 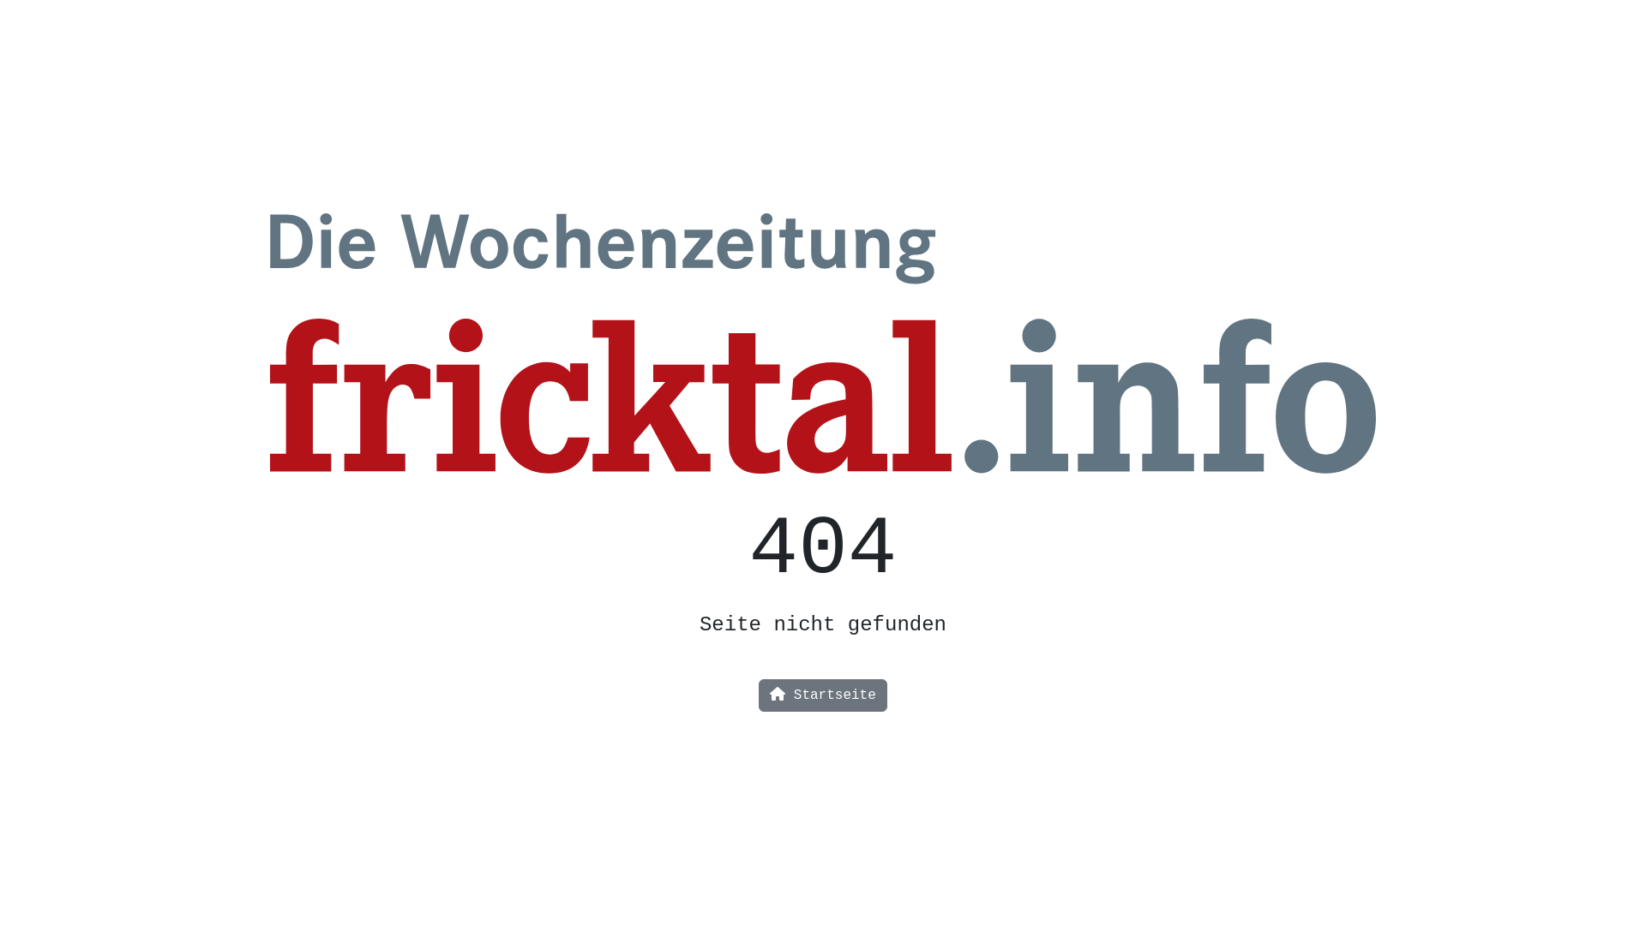 I want to click on 'Startseite', so click(x=823, y=695).